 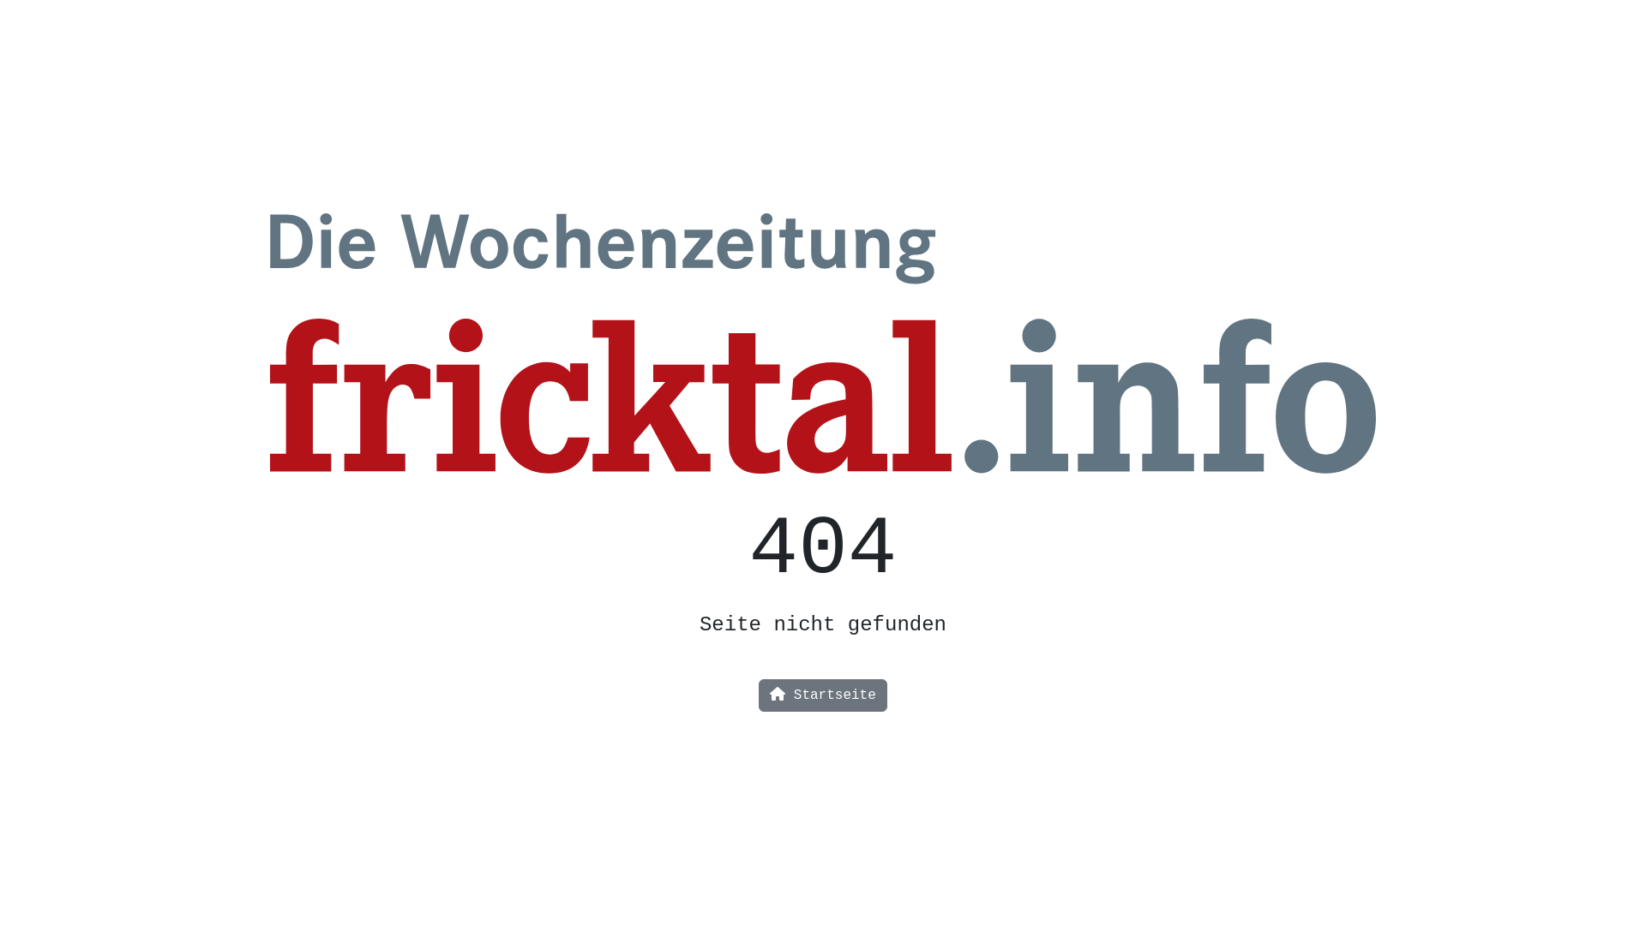 I want to click on 'Startseite', so click(x=823, y=695).